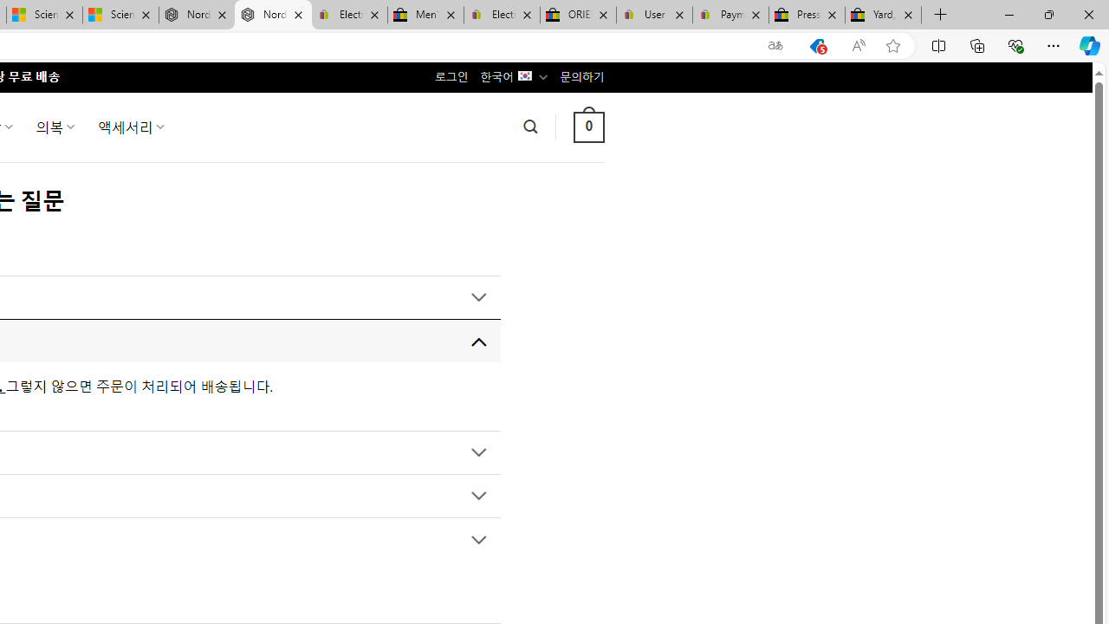 This screenshot has height=624, width=1109. What do you see at coordinates (730, 15) in the screenshot?
I see `'Payments Terms of Use | eBay.com'` at bounding box center [730, 15].